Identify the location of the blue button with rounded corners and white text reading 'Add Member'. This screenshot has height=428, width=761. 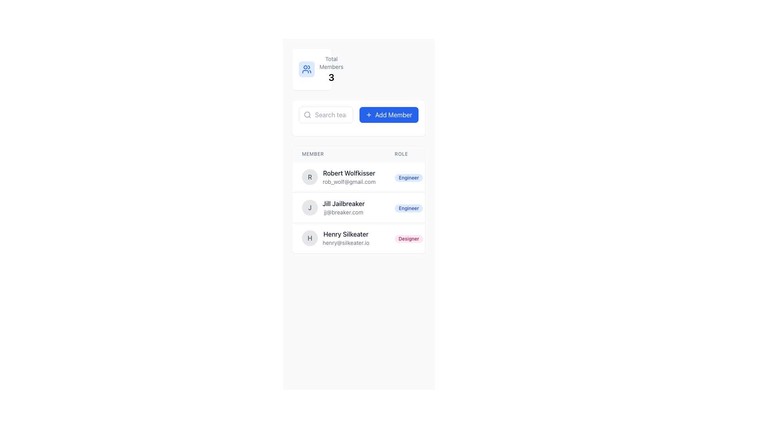
(358, 118).